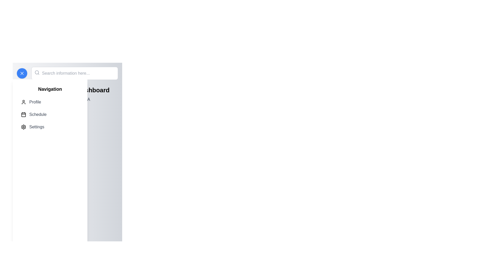 The width and height of the screenshot is (498, 280). What do you see at coordinates (23, 127) in the screenshot?
I see `the settings icon located at the bottom of the vertical navigation menu on the left side of the interface` at bounding box center [23, 127].